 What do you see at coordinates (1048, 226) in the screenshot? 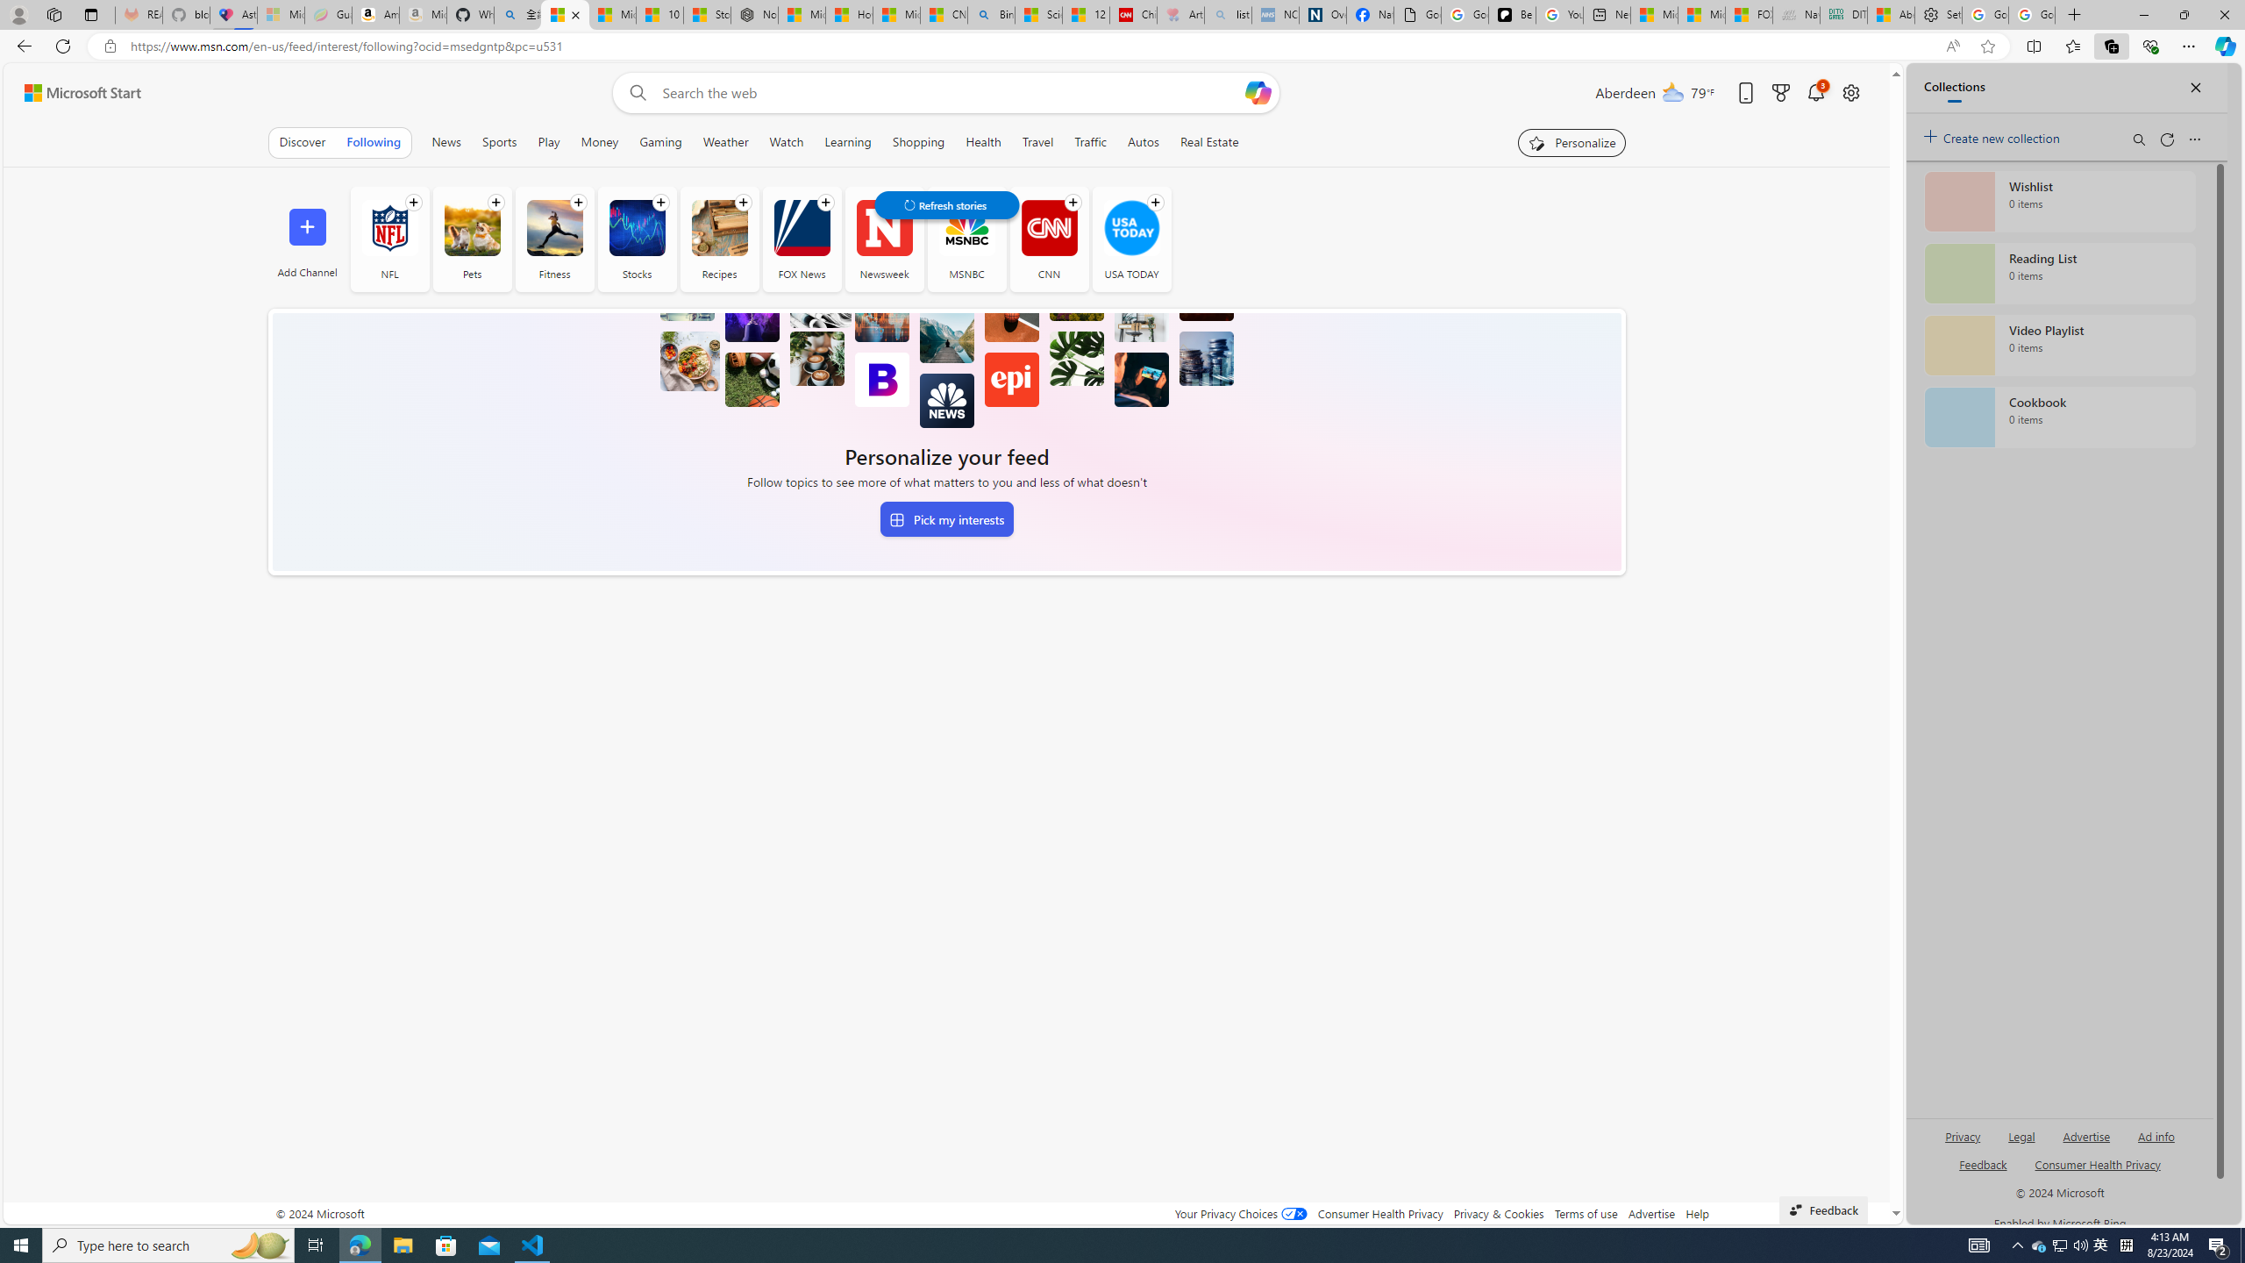
I see `'CNN'` at bounding box center [1048, 226].